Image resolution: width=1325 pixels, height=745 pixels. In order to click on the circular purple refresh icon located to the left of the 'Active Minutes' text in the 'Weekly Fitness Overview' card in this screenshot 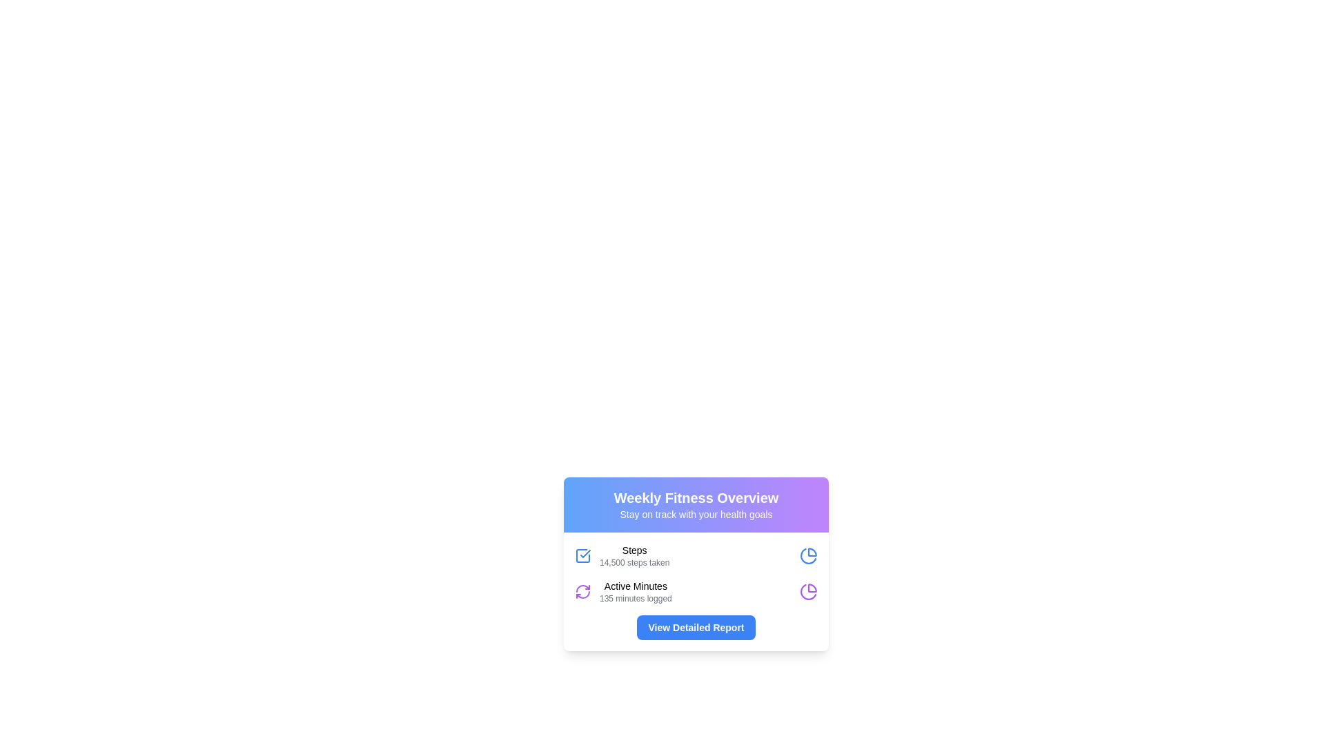, I will do `click(582, 590)`.